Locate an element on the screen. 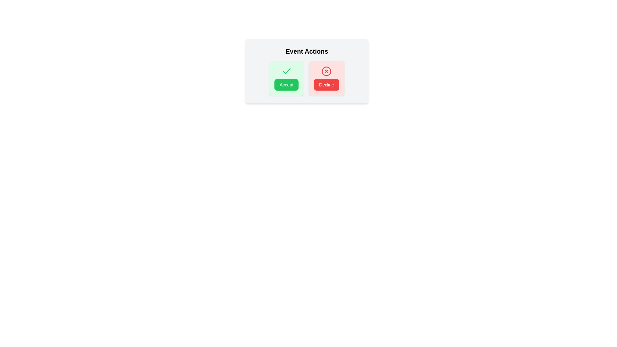  the green checkmark icon within the 'Accept' button, which is located on the left side of the two-button group under the 'Event Actions' title is located at coordinates (286, 71).